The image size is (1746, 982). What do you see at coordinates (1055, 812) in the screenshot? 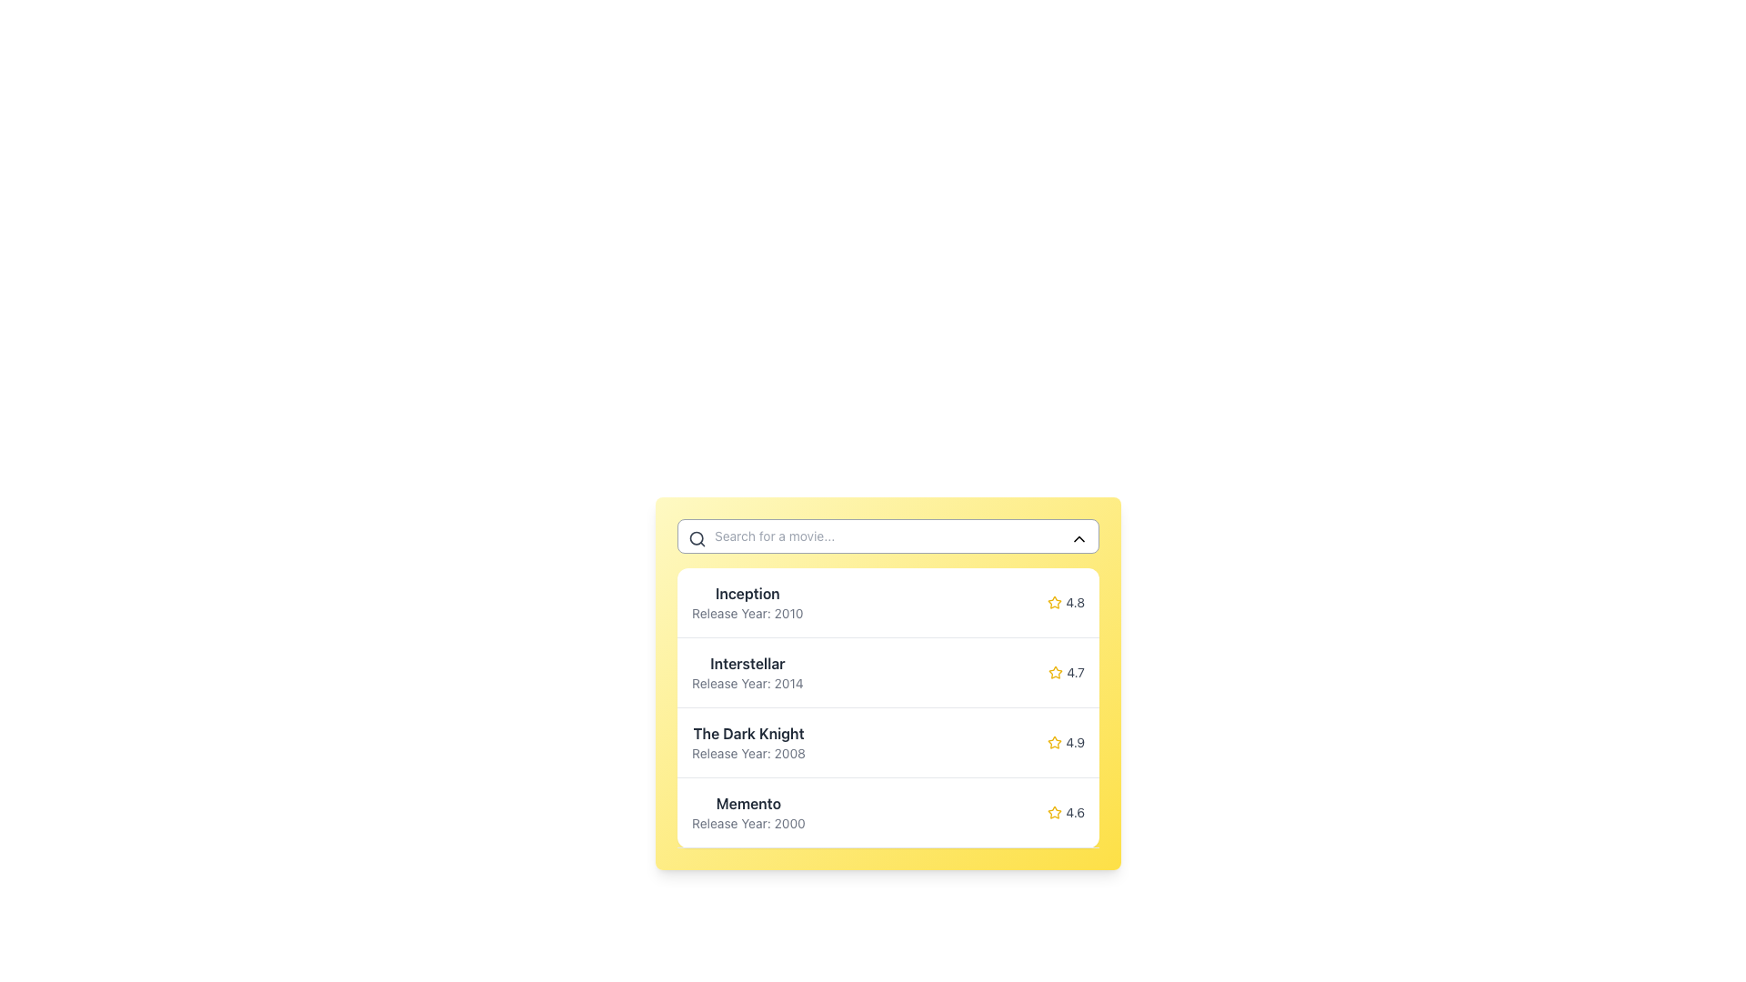
I see `the star icon representing a rating for the movie 'Memento', which is styled with a yellow border and indicates an active state due to its color` at bounding box center [1055, 812].